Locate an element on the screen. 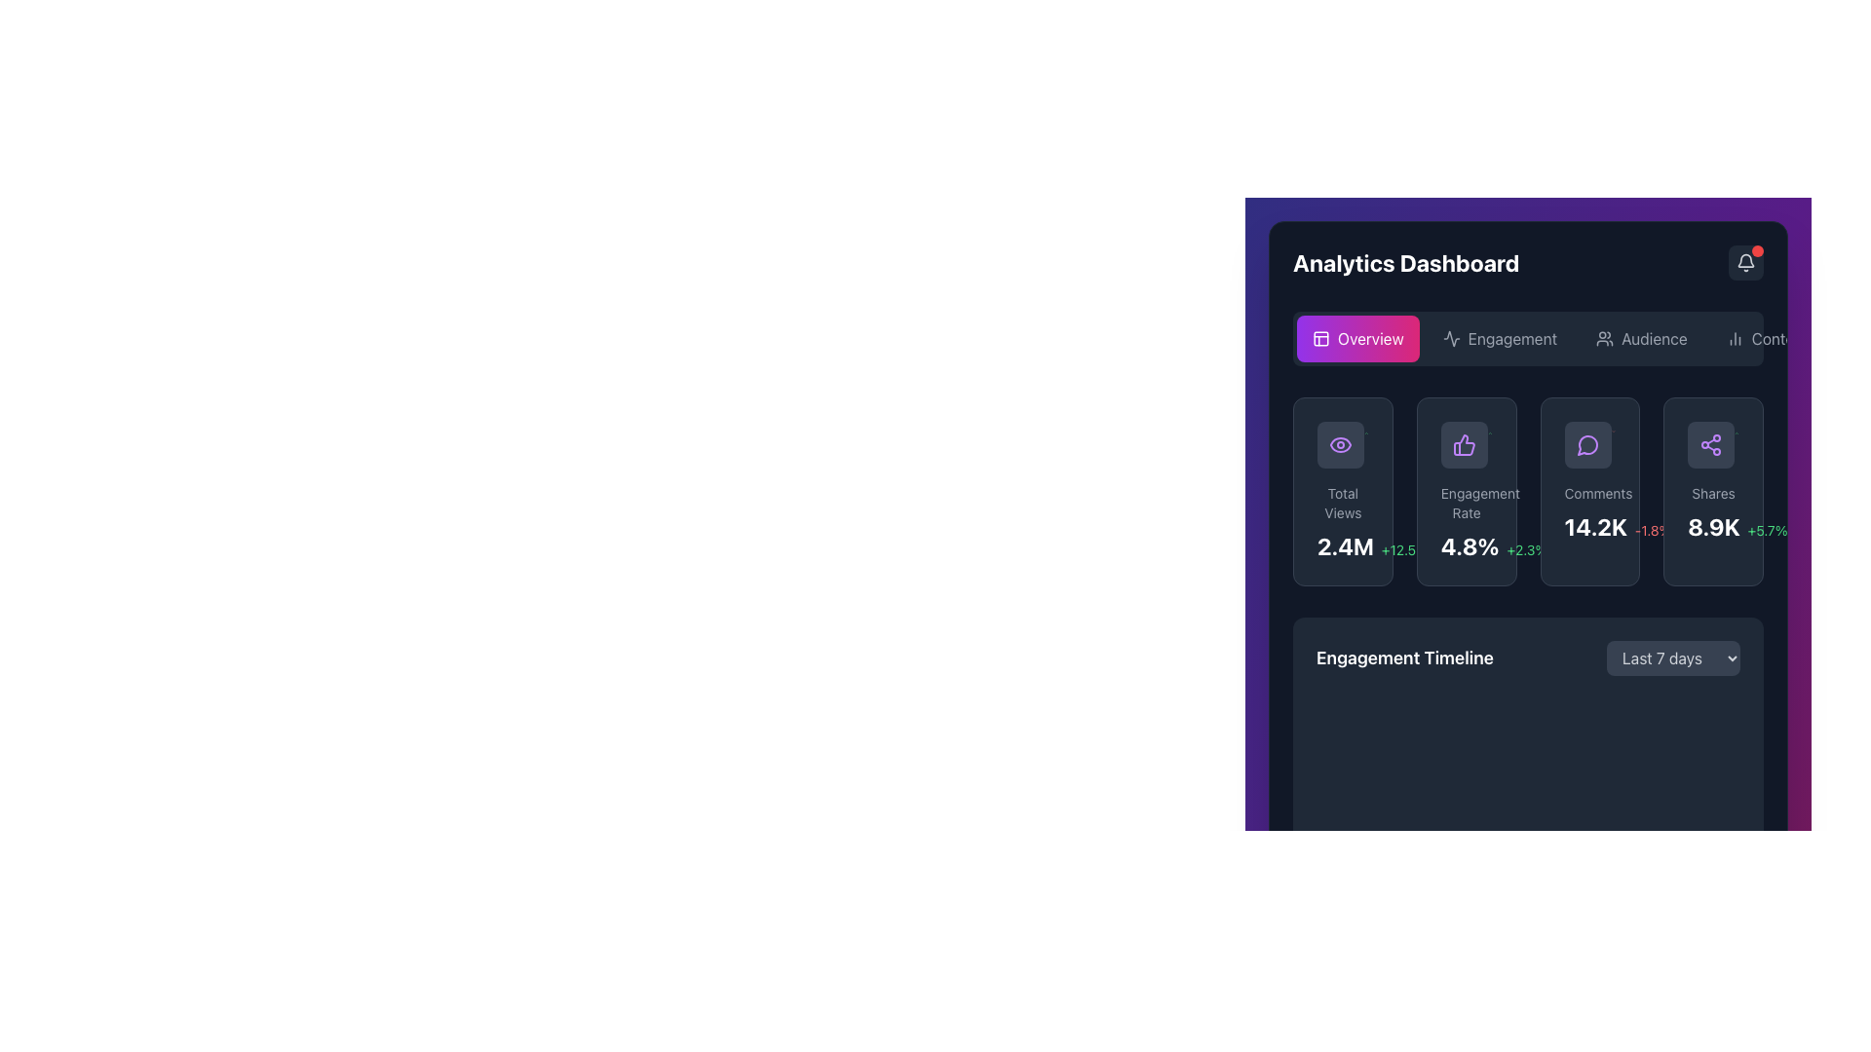 This screenshot has width=1871, height=1052. the user group icon located within the 'Audience' menu item is located at coordinates (1605, 337).